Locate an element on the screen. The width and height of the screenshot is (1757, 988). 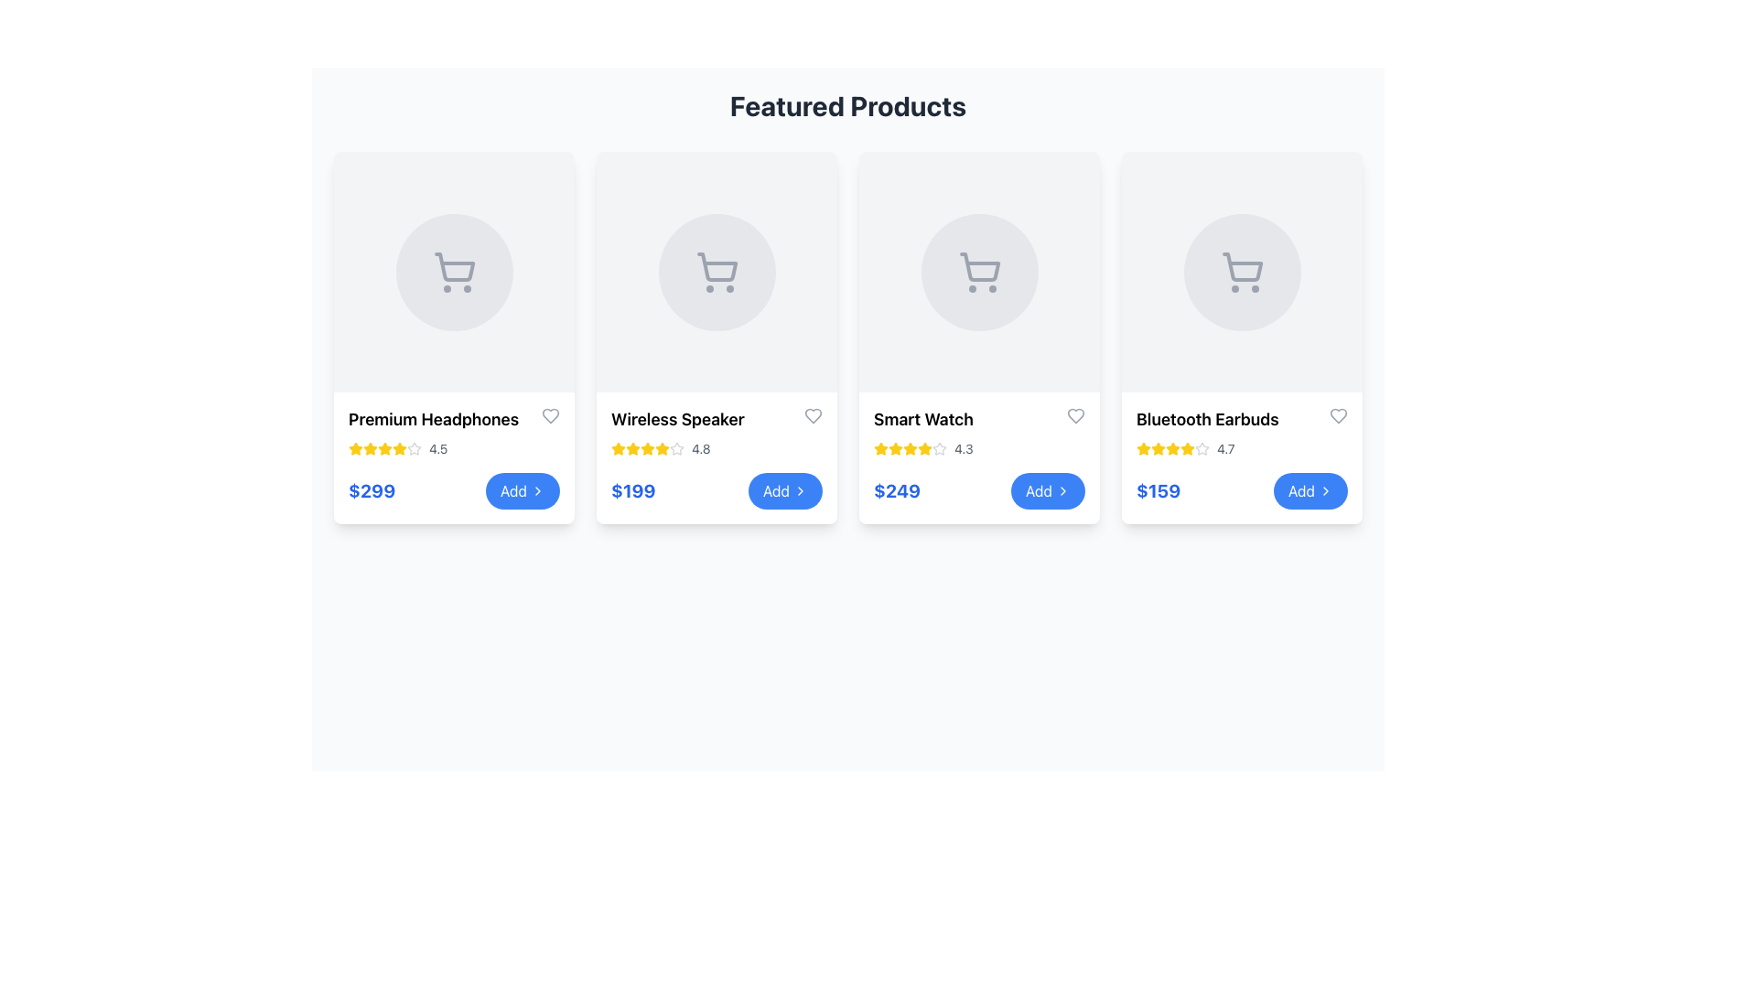
the header text label that introduces the subsequent section of the interface, positioned centrally at the top of the layout above the grid of product cards is located at coordinates (846, 105).